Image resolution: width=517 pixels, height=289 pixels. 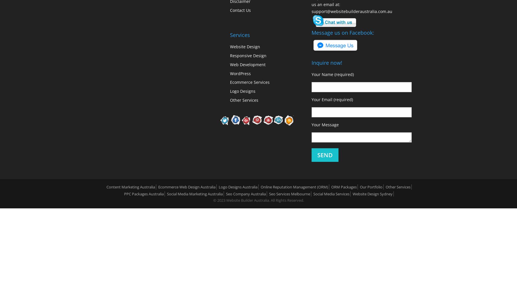 What do you see at coordinates (213, 200) in the screenshot?
I see `'© 2023 Website Builder Australia. All Rights Reserved.'` at bounding box center [213, 200].